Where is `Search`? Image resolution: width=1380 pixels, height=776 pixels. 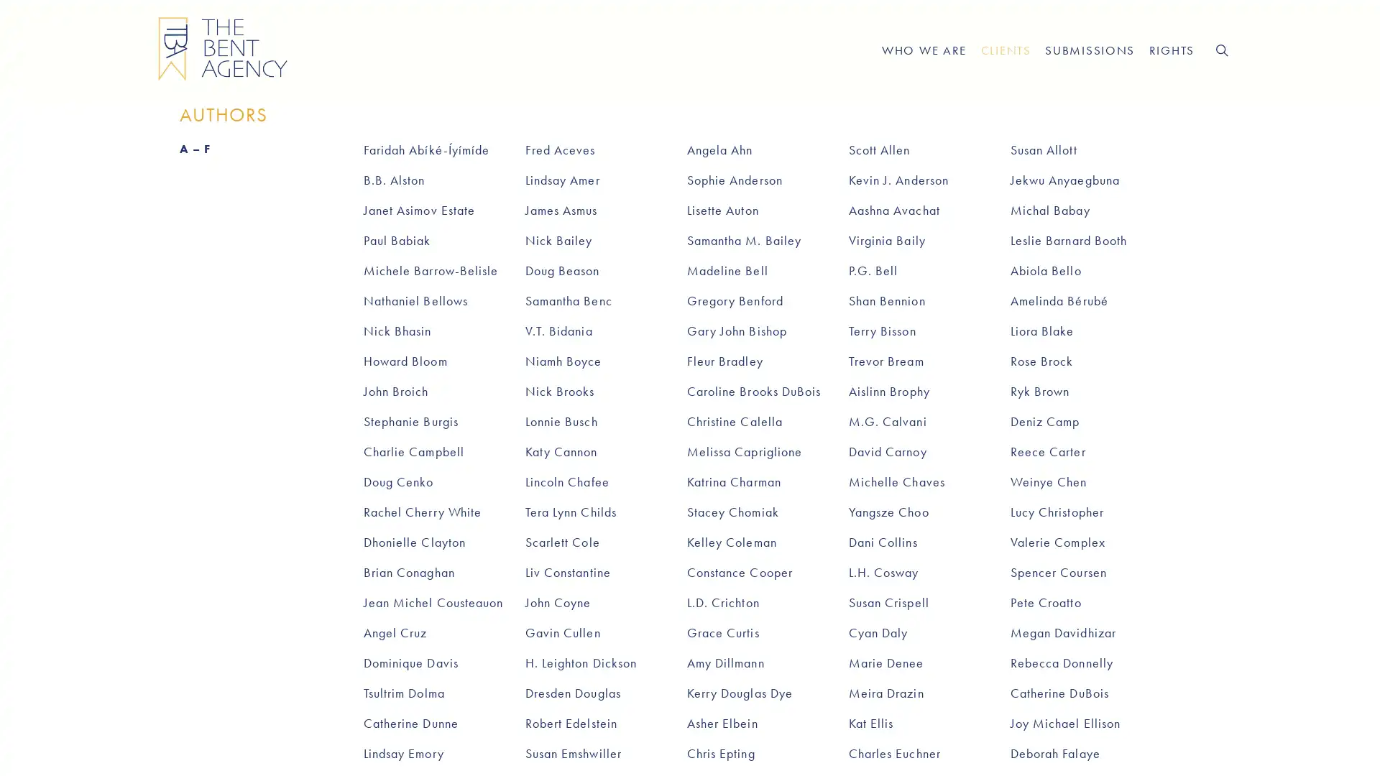
Search is located at coordinates (1220, 49).